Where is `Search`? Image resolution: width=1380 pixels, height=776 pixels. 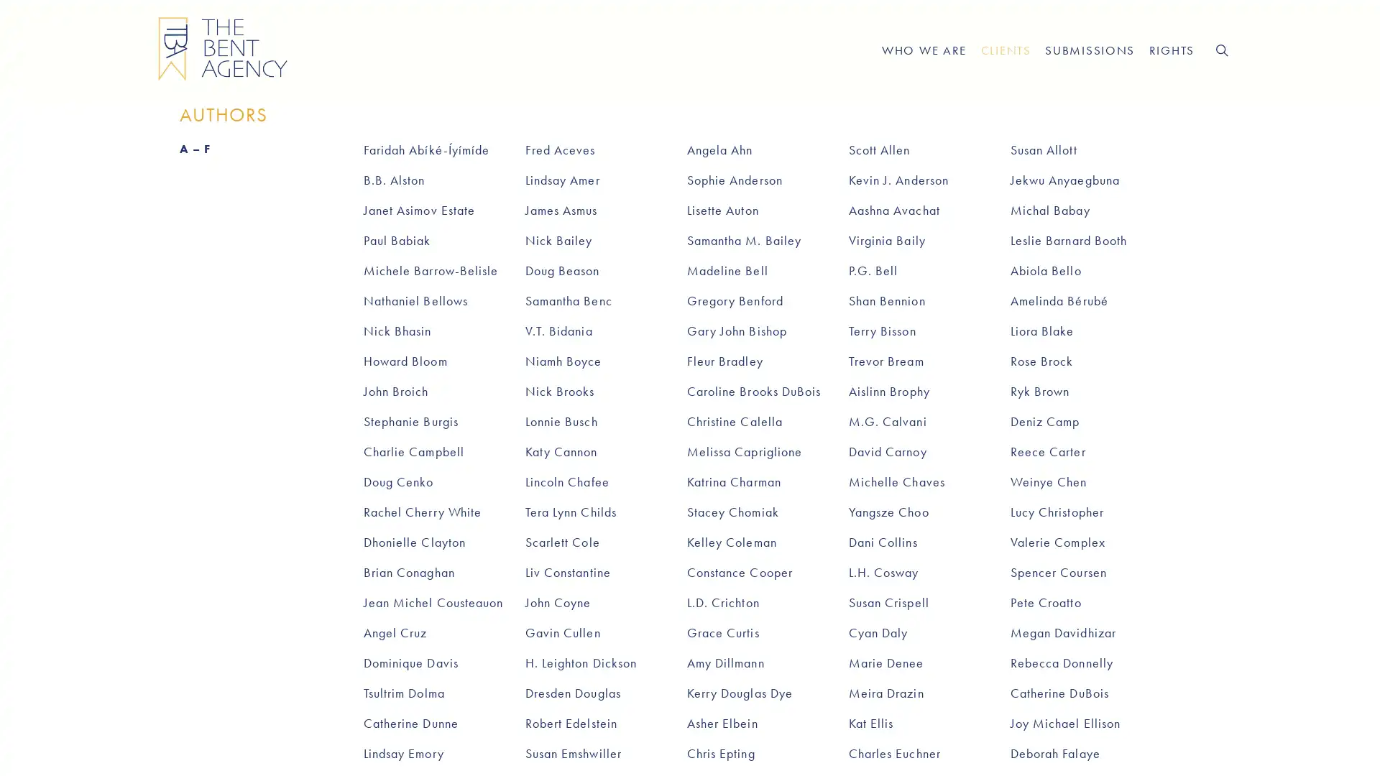
Search is located at coordinates (1220, 49).